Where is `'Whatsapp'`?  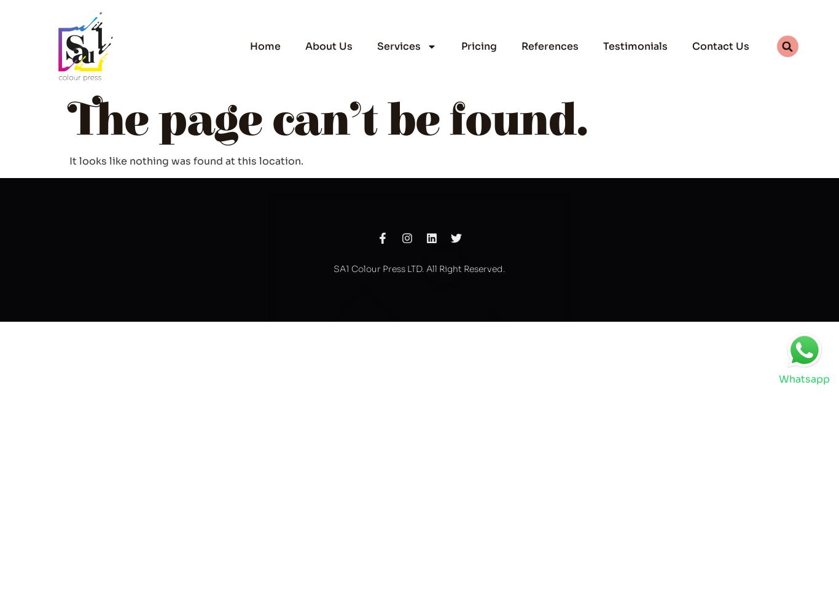
'Whatsapp' is located at coordinates (778, 378).